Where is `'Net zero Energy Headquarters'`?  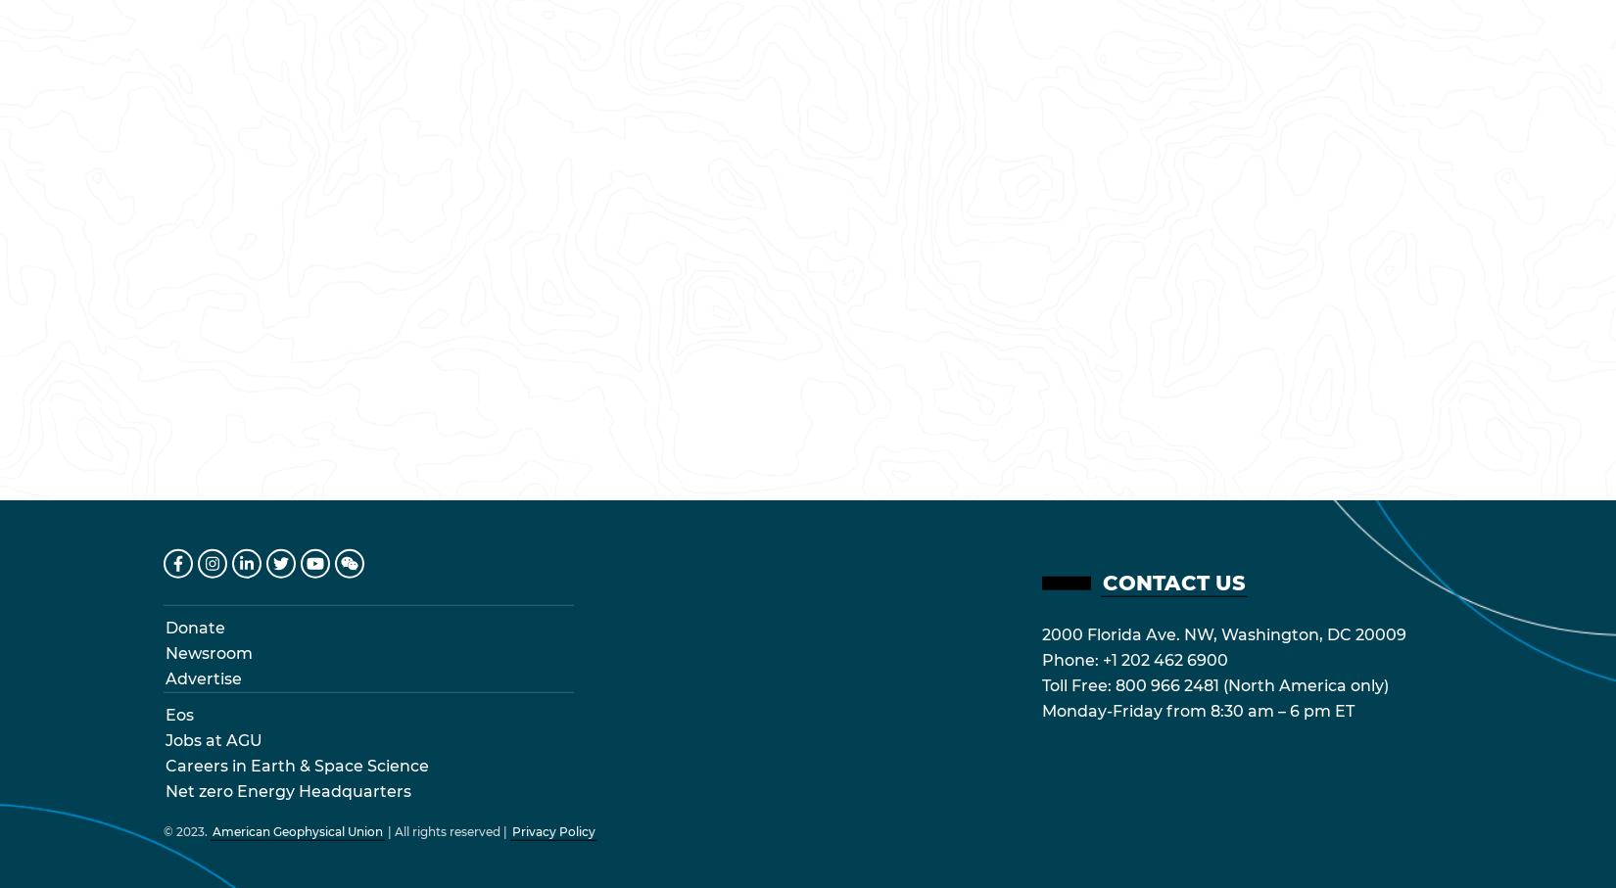
'Net zero Energy Headquarters' is located at coordinates (288, 790).